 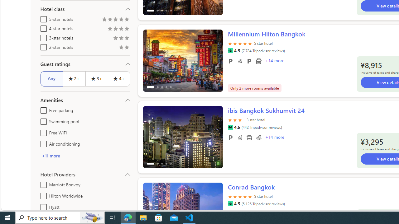 I want to click on 'Air conditioning', so click(x=42, y=143).